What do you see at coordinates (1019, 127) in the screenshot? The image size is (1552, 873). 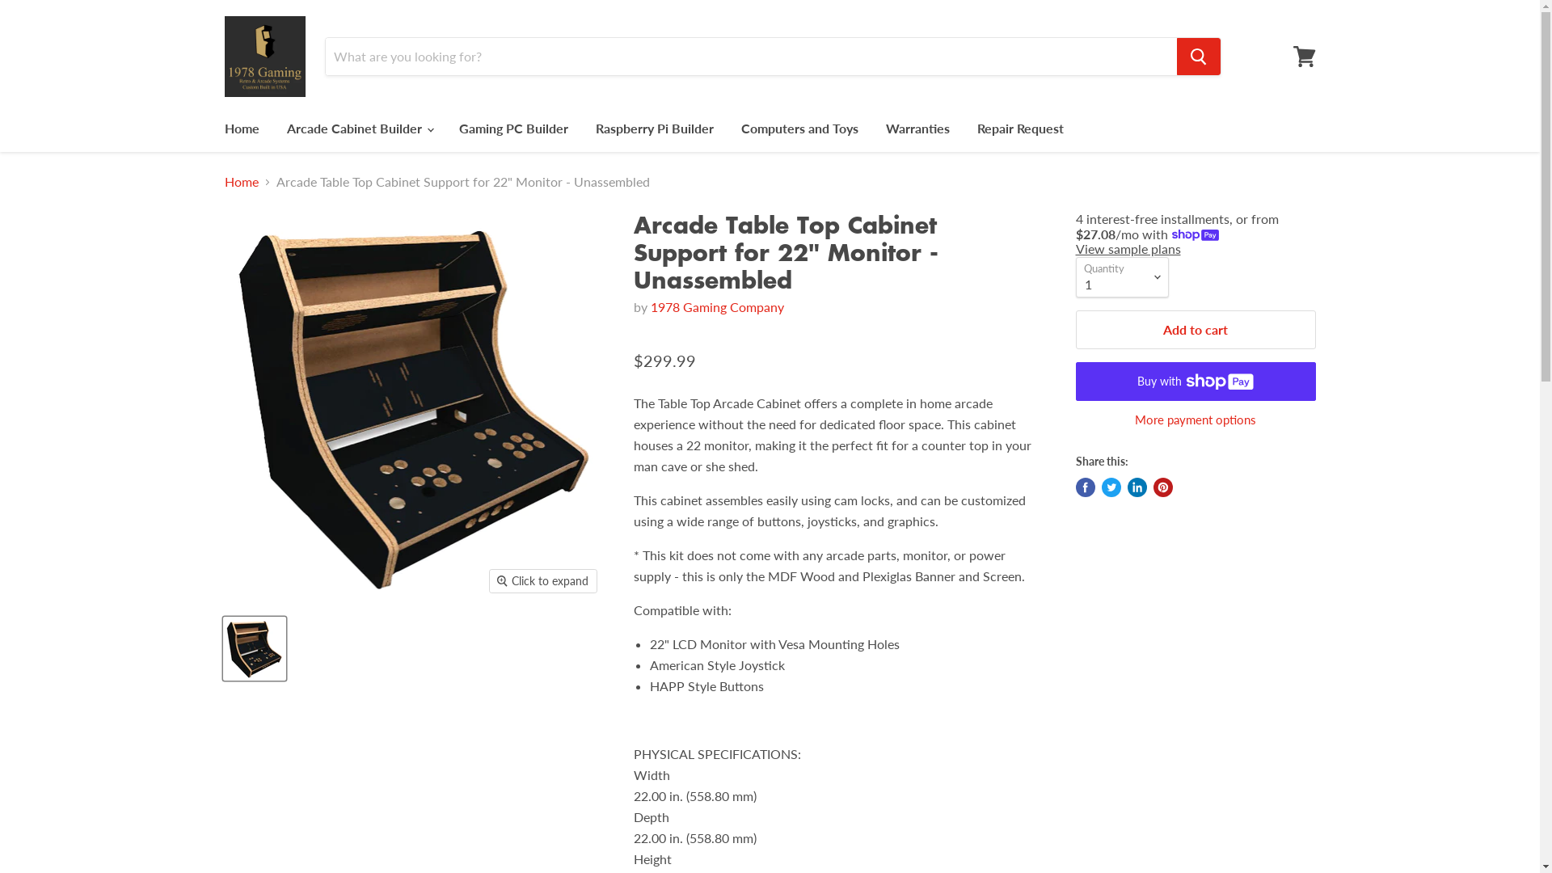 I see `'Repair Request'` at bounding box center [1019, 127].